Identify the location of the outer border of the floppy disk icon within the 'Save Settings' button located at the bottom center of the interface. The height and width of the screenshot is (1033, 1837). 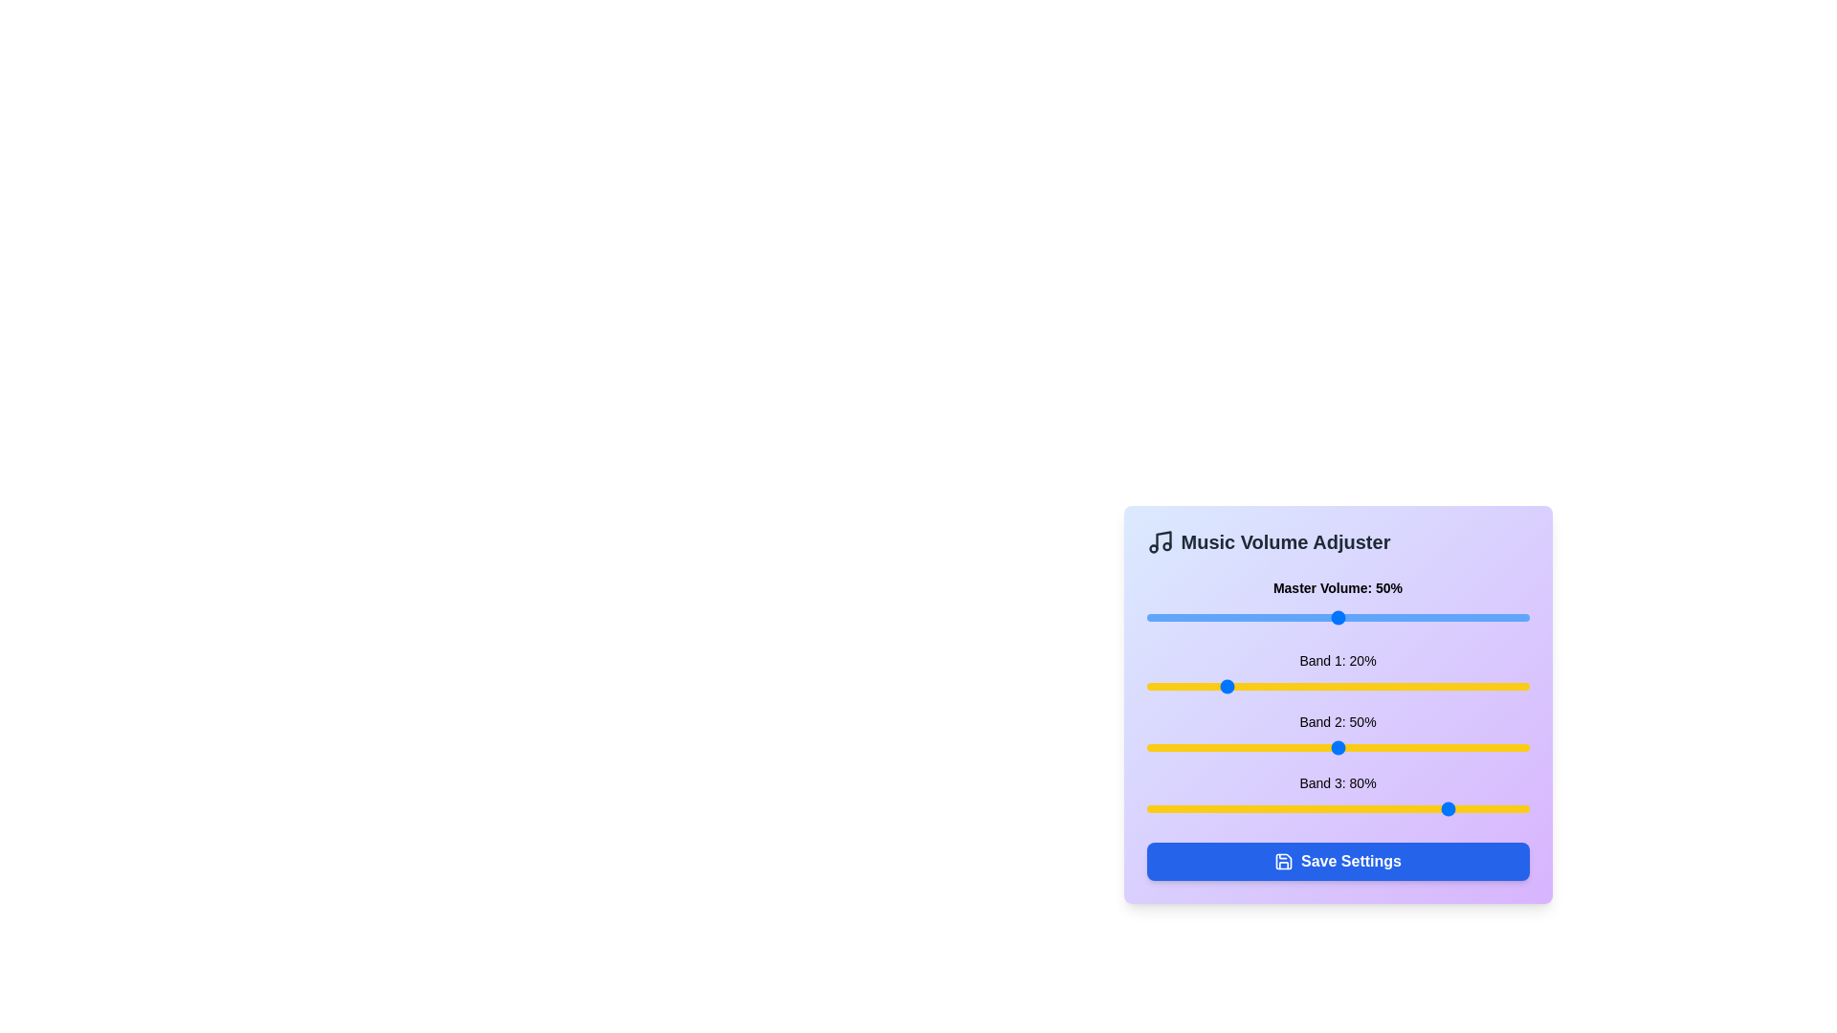
(1284, 862).